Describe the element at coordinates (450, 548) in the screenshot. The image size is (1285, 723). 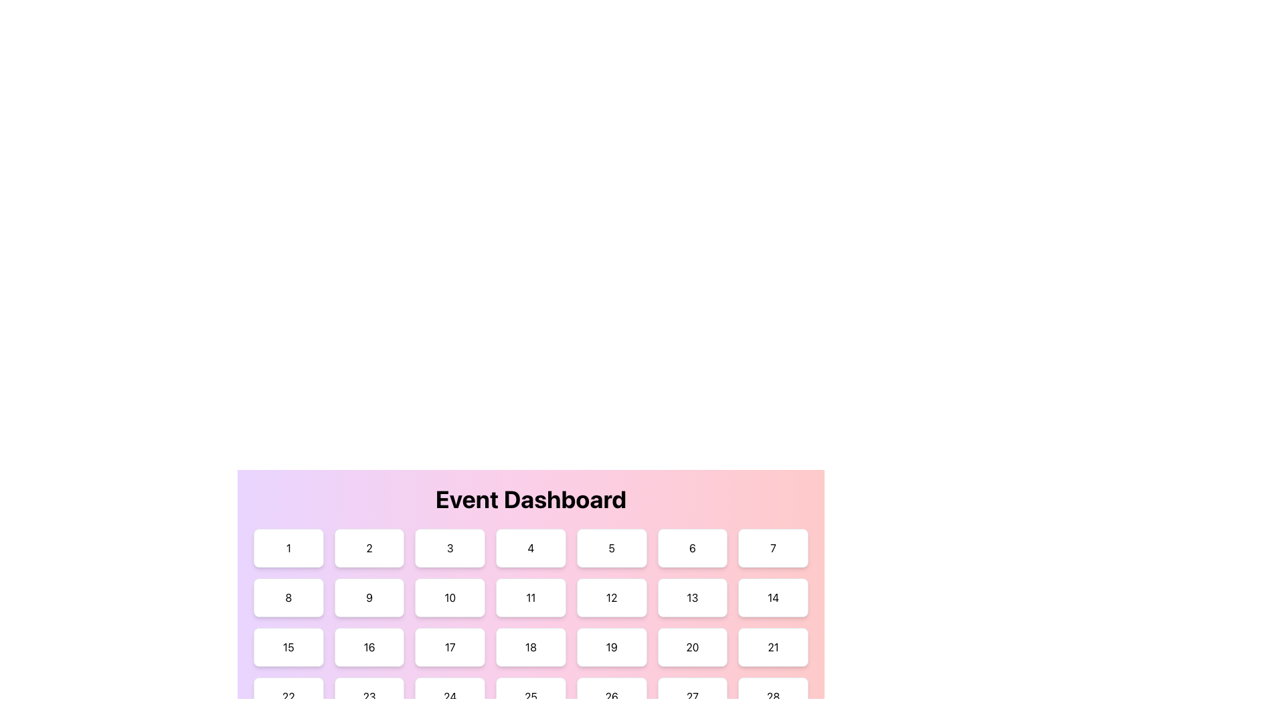
I see `the interactive button located in the first row of a grid layout, as the third item, positioned between the buttons displaying '2' and '4'` at that location.